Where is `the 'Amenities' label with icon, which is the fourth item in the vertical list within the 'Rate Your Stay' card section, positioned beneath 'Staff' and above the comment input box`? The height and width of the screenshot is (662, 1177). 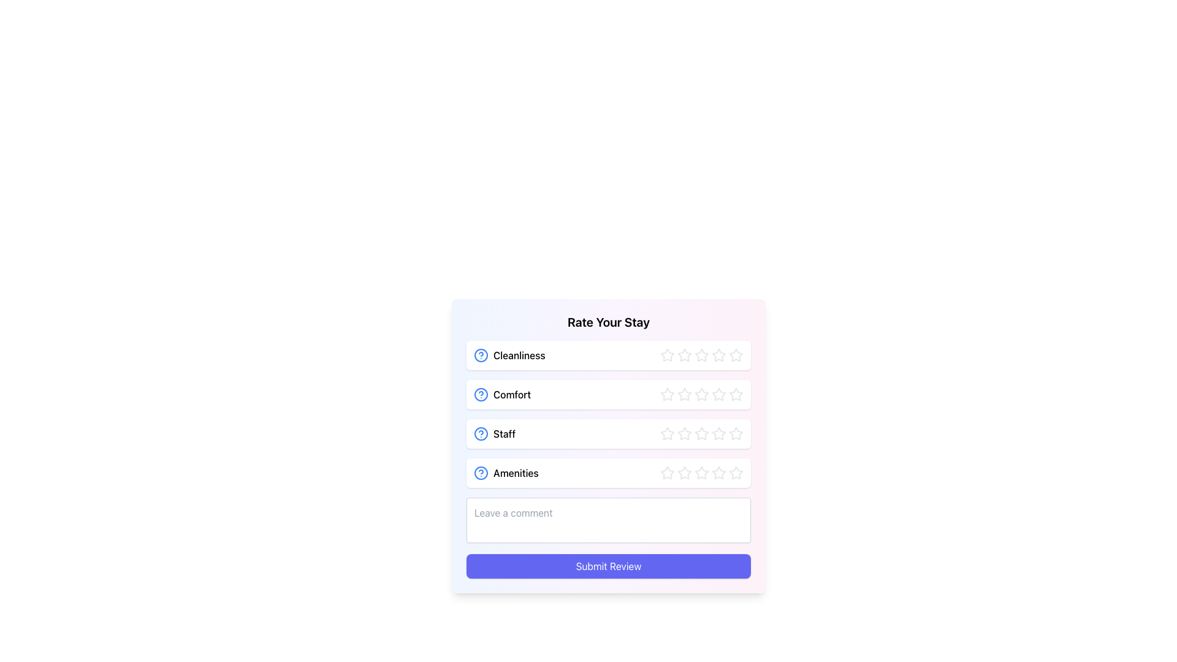 the 'Amenities' label with icon, which is the fourth item in the vertical list within the 'Rate Your Stay' card section, positioned beneath 'Staff' and above the comment input box is located at coordinates (506, 472).